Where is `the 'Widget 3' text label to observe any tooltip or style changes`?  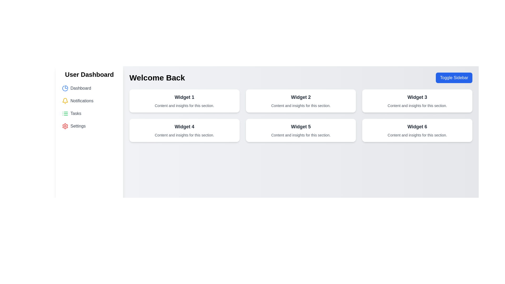
the 'Widget 3' text label to observe any tooltip or style changes is located at coordinates (417, 97).